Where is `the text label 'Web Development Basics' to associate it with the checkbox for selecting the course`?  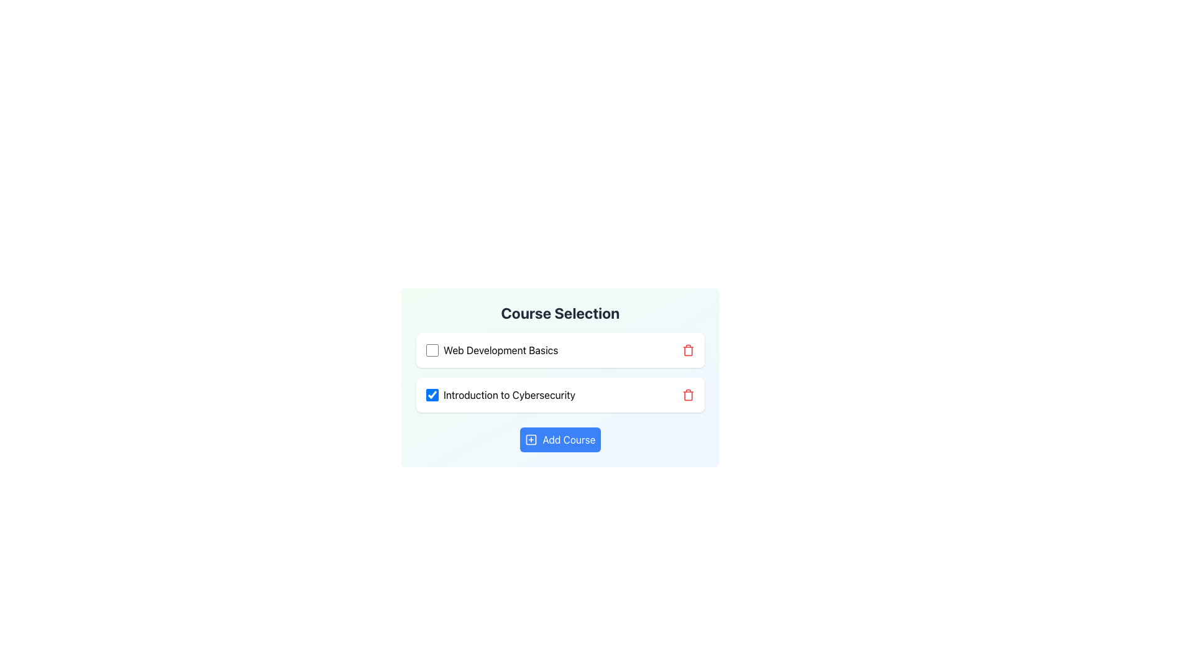
the text label 'Web Development Basics' to associate it with the checkbox for selecting the course is located at coordinates (501, 350).